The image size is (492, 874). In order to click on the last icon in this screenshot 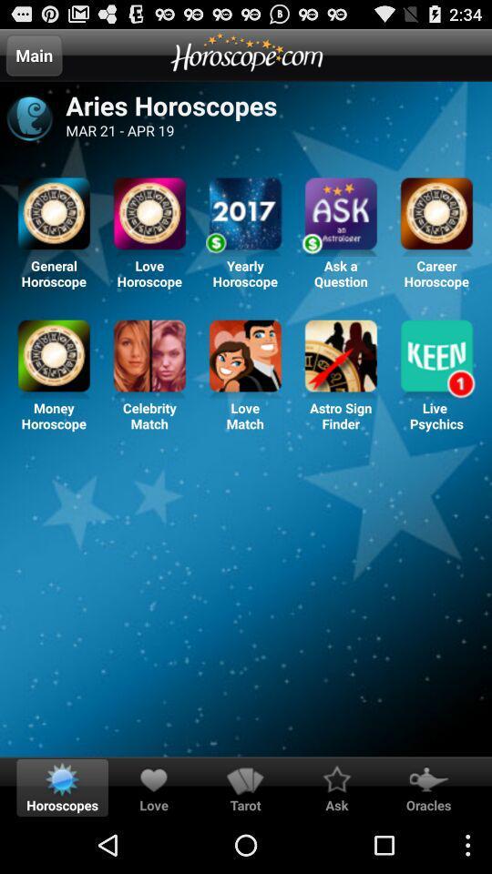, I will do `click(436, 358)`.